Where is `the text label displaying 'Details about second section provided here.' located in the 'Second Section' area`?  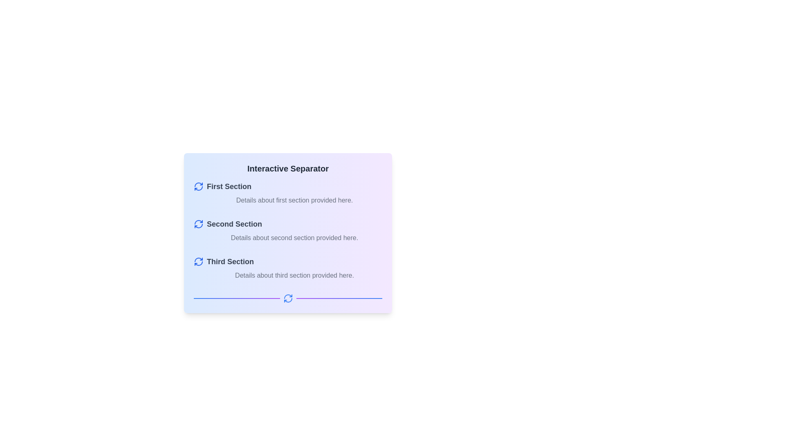 the text label displaying 'Details about second section provided here.' located in the 'Second Section' area is located at coordinates (294, 238).